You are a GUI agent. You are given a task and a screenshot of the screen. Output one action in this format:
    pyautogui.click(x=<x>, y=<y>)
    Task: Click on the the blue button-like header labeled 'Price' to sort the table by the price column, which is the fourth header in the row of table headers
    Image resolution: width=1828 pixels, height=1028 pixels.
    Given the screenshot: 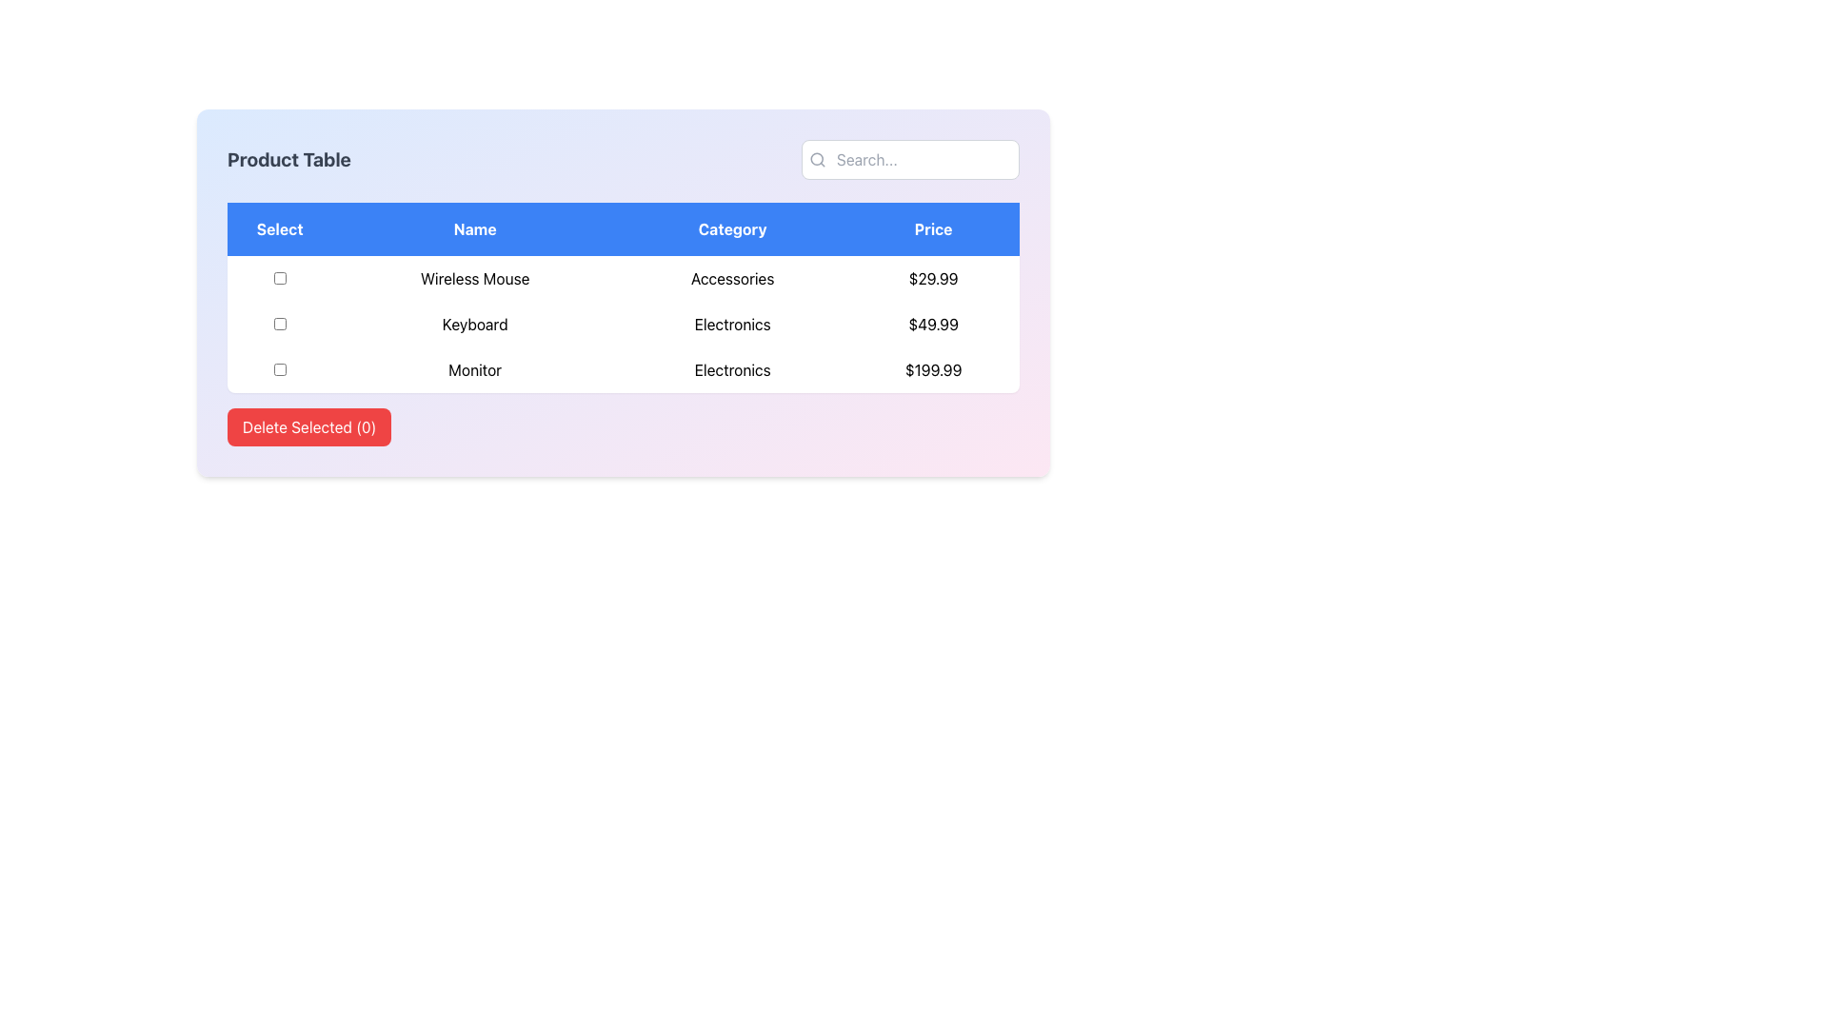 What is the action you would take?
    pyautogui.click(x=933, y=227)
    